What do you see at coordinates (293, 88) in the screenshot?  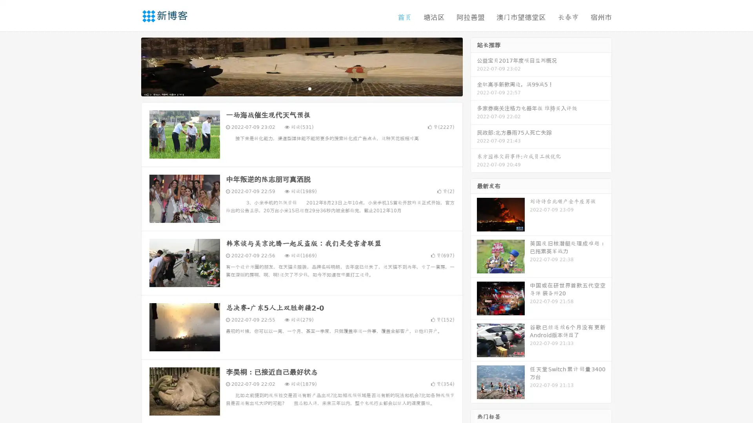 I see `Go to slide 1` at bounding box center [293, 88].